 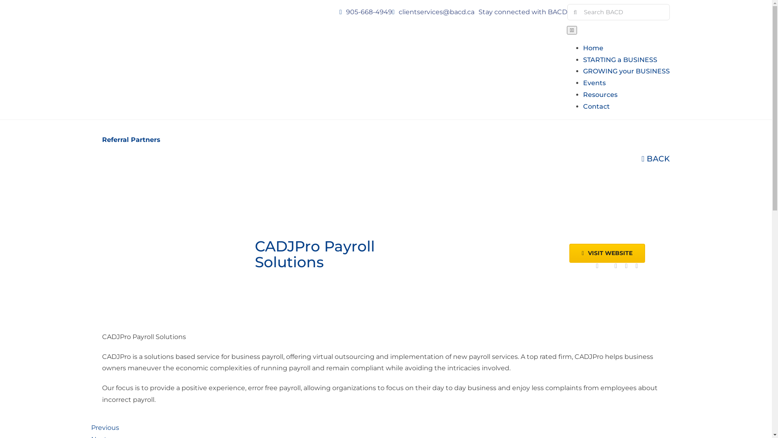 I want to click on 'Previous', so click(x=104, y=427).